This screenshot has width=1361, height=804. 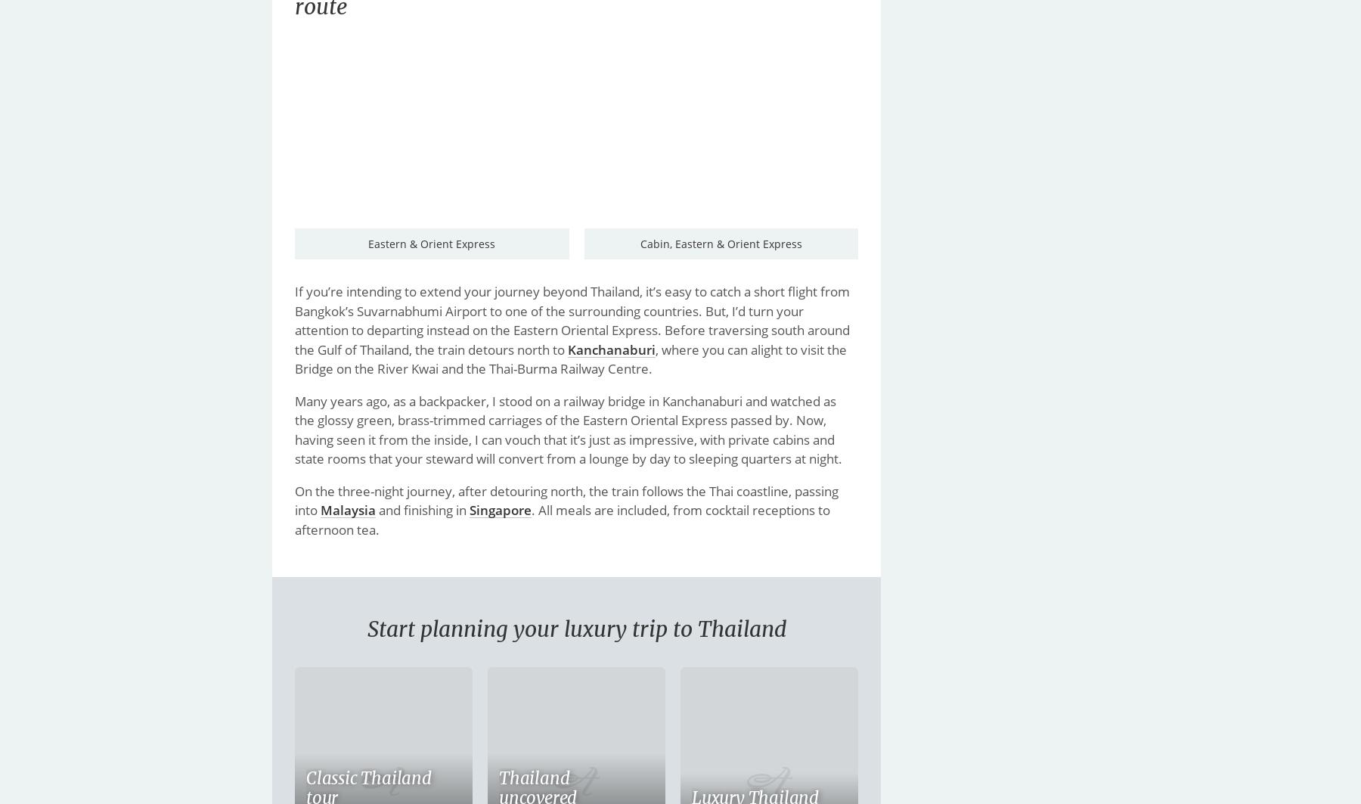 What do you see at coordinates (569, 359) in the screenshot?
I see `', where you can alight to visit the Bridge on the River Kwai and the Thai-Burma Railway Centre.'` at bounding box center [569, 359].